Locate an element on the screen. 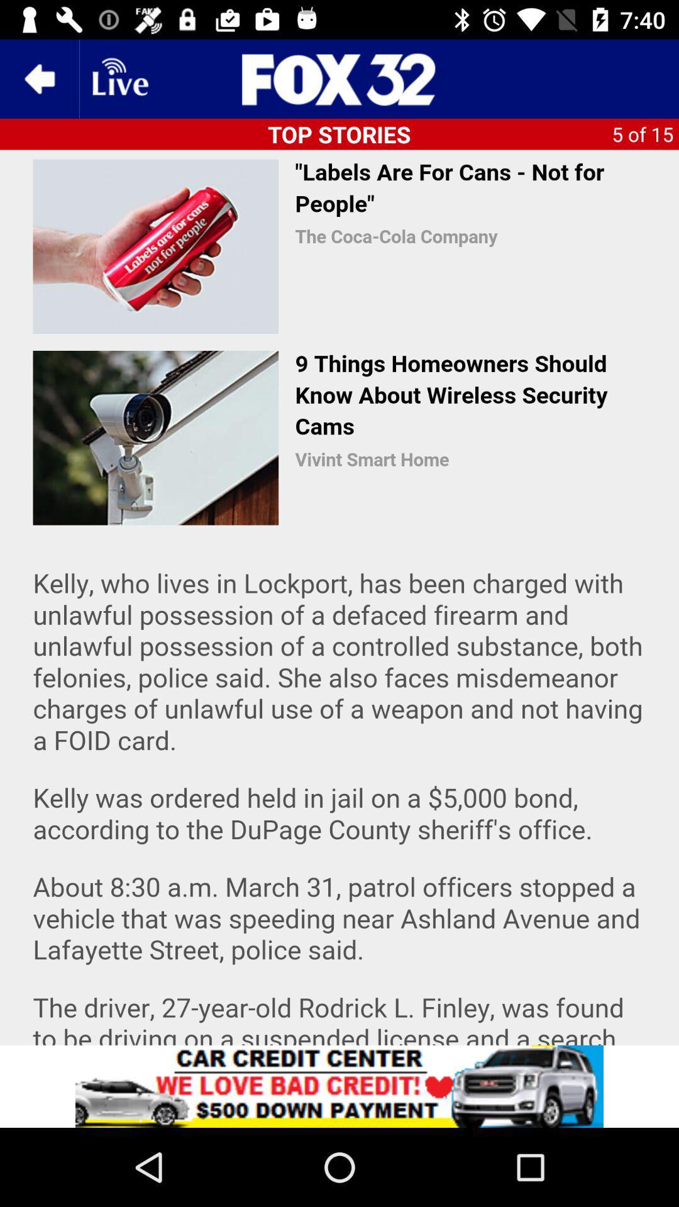 Image resolution: width=679 pixels, height=1207 pixels. open livestream is located at coordinates (119, 78).